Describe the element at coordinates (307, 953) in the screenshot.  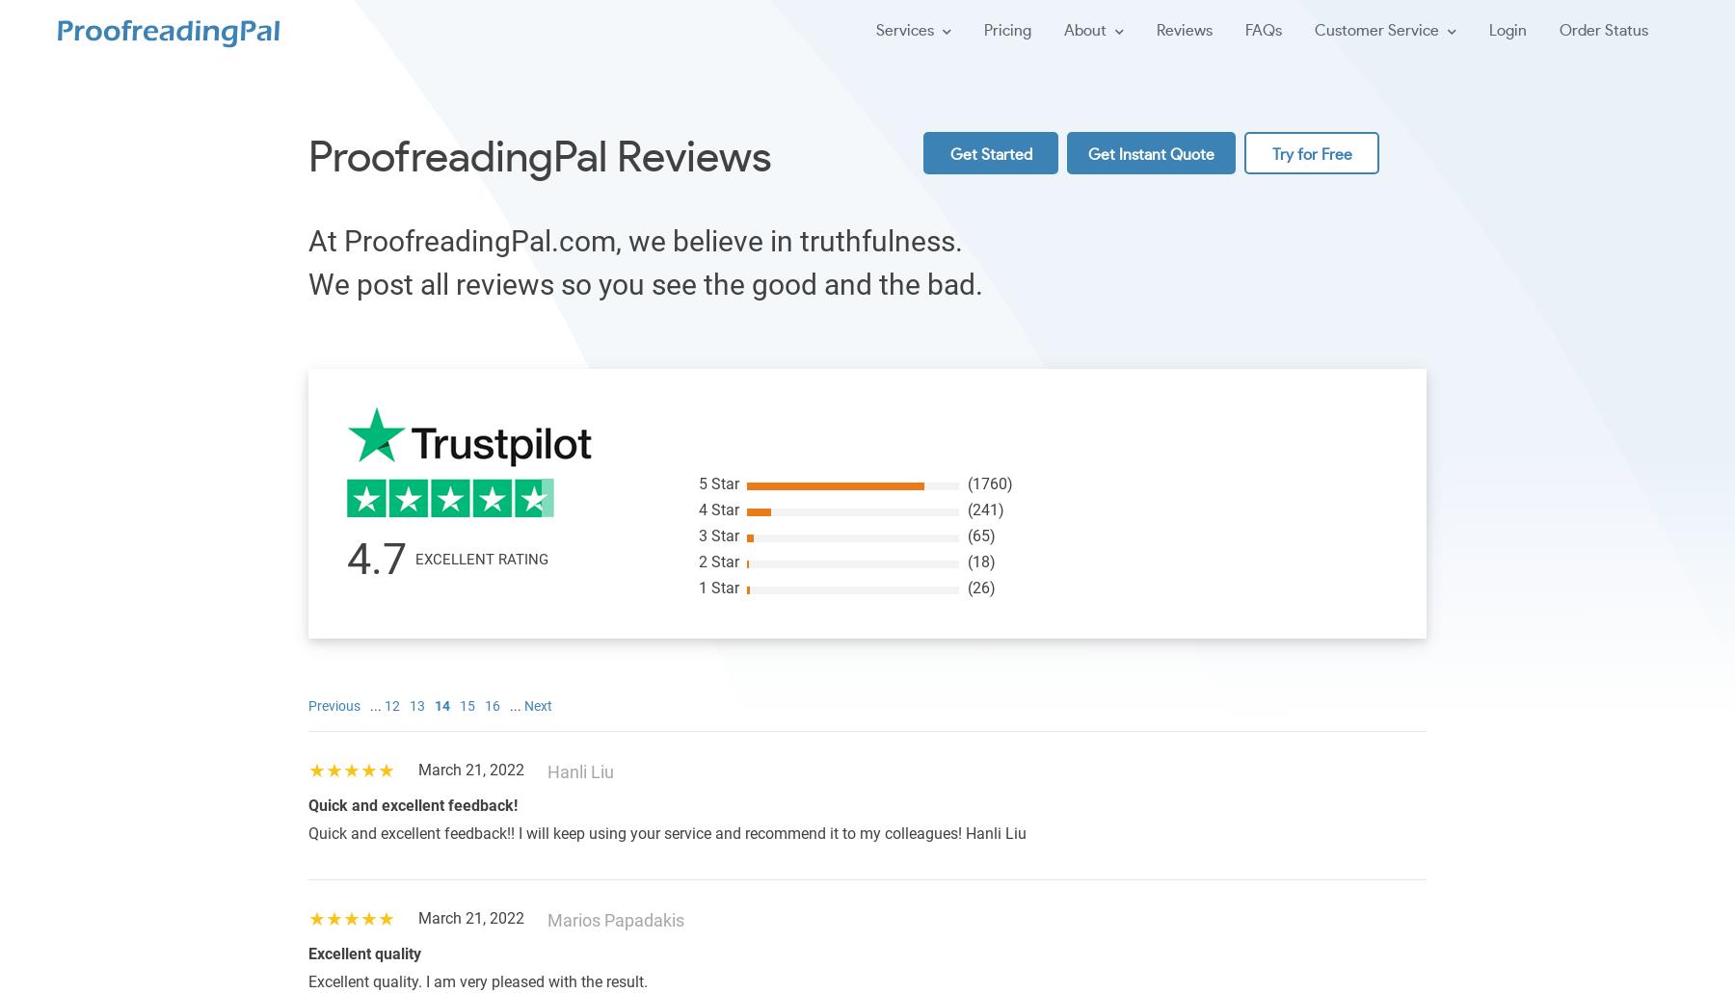
I see `'Excellent quality'` at that location.